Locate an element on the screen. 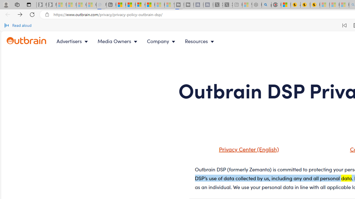 The width and height of the screenshot is (355, 199). 'Company' is located at coordinates (162, 41).